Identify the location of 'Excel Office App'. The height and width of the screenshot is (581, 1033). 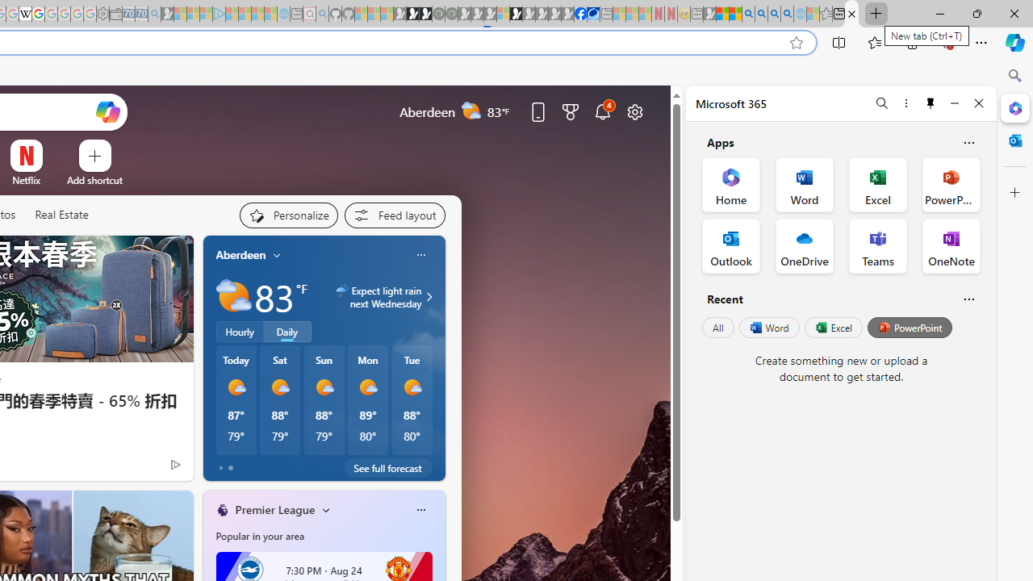
(877, 183).